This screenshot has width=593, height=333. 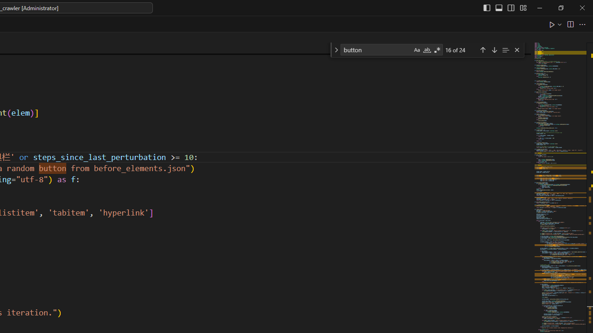 What do you see at coordinates (493, 49) in the screenshot?
I see `'Next Match (Enter)'` at bounding box center [493, 49].